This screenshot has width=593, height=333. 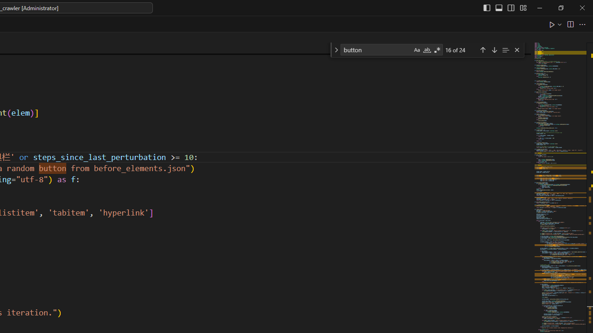 What do you see at coordinates (493, 49) in the screenshot?
I see `'Next Match (Enter)'` at bounding box center [493, 49].